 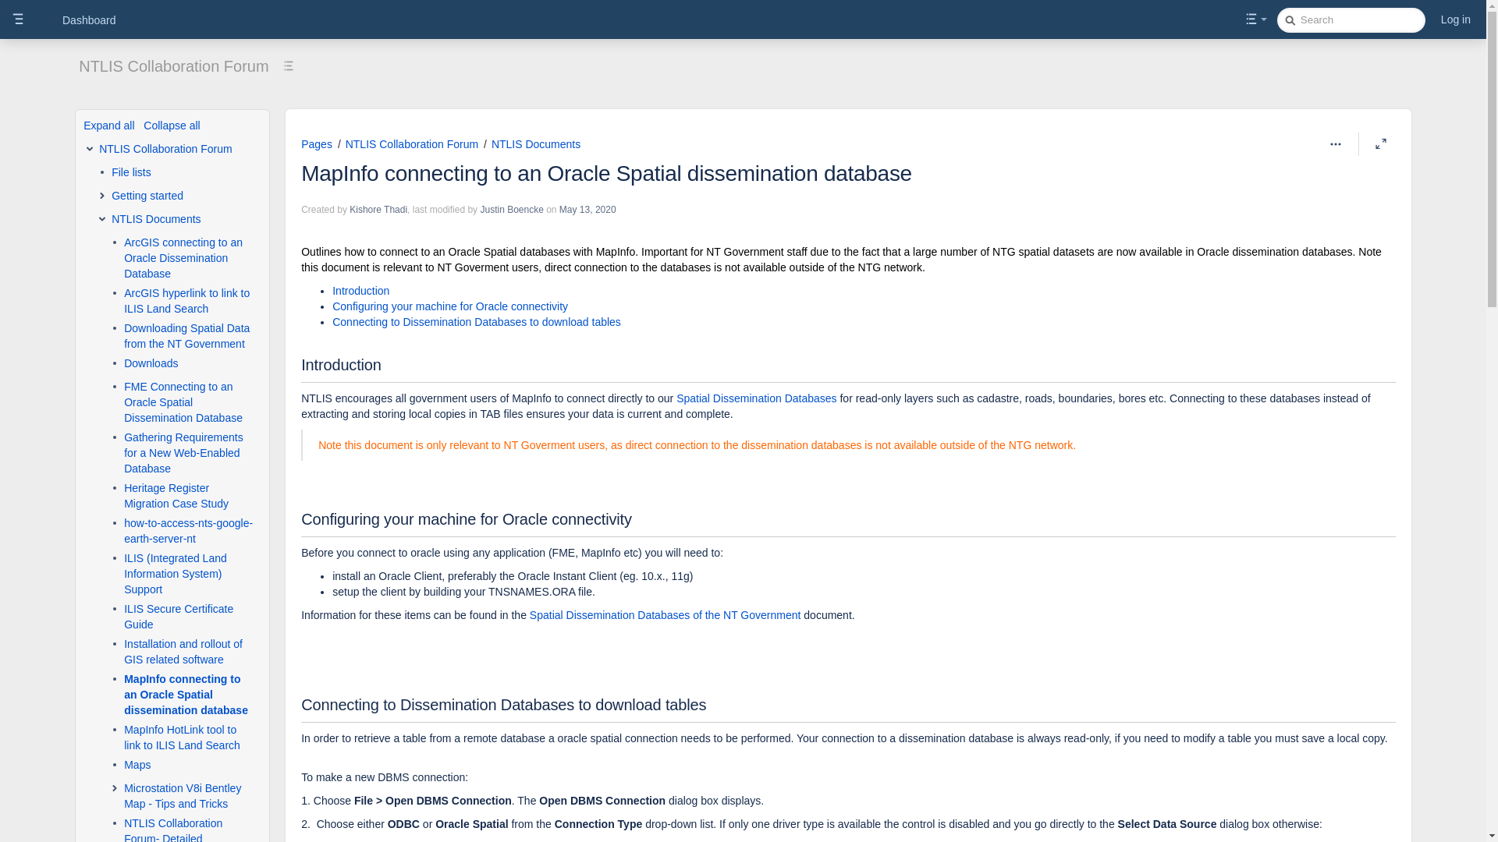 I want to click on 'FME Connecting to an Oracle Spatial Dissemination Database', so click(x=188, y=402).